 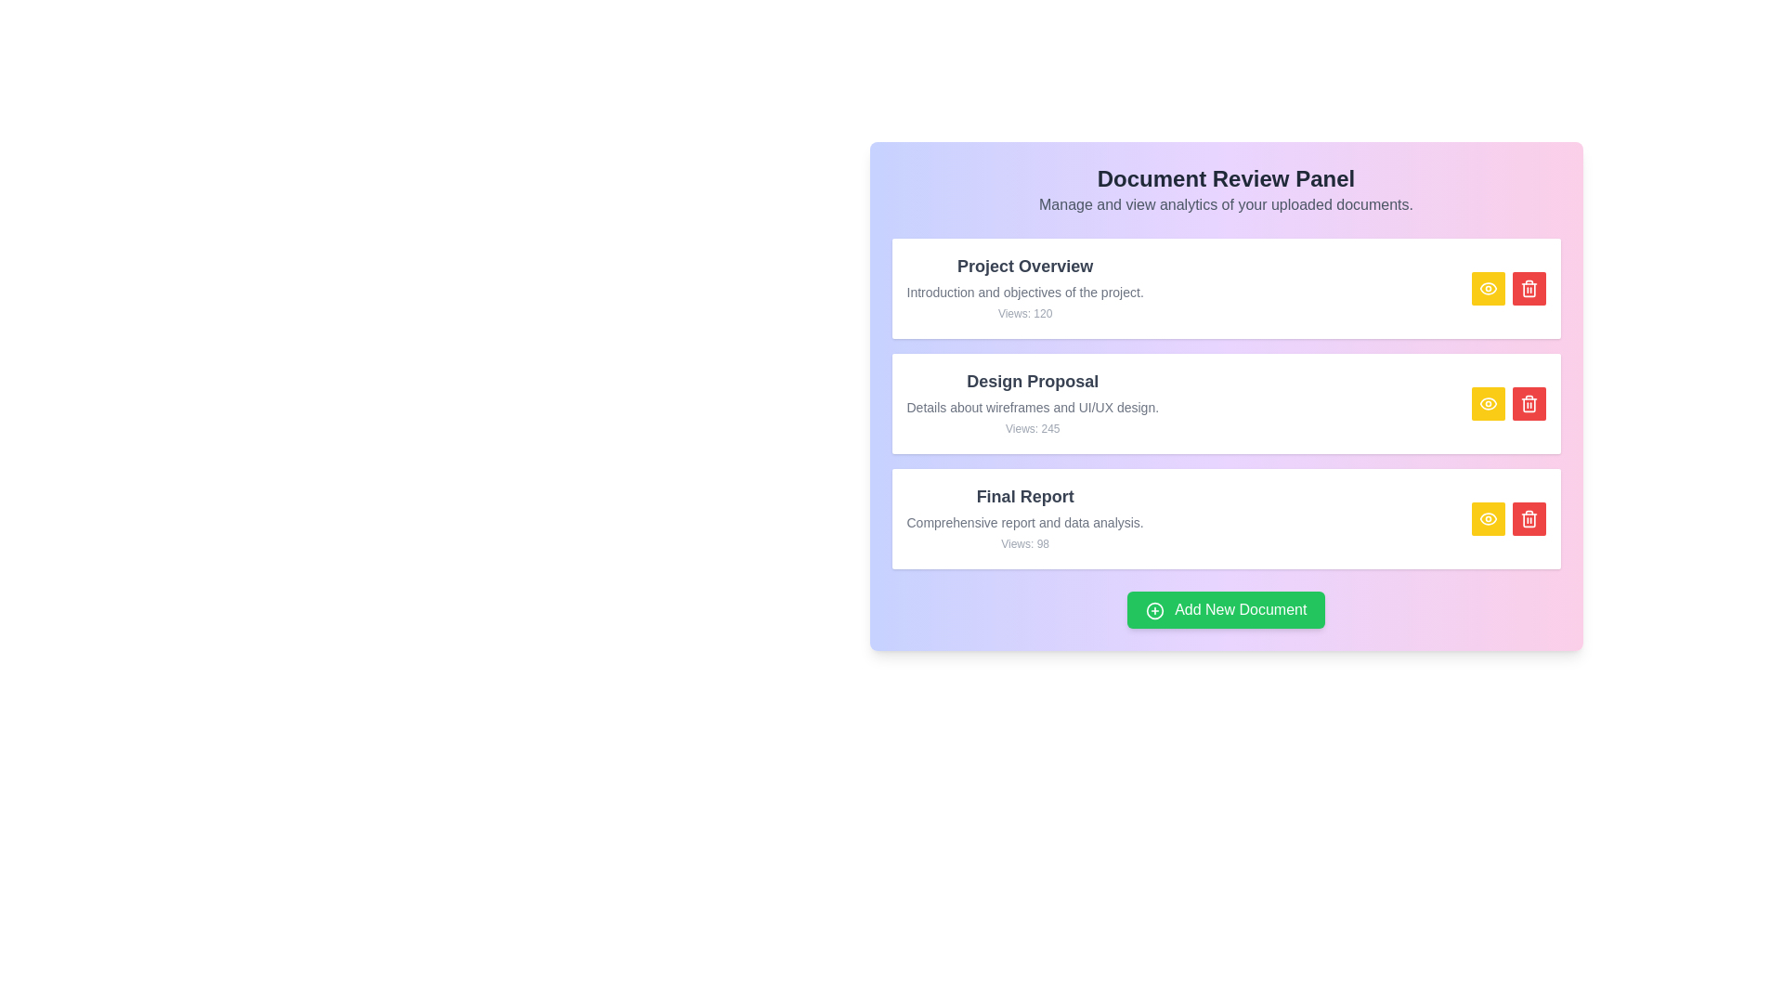 I want to click on 'Add New Document' button to initiate the process of adding a new document, so click(x=1226, y=609).